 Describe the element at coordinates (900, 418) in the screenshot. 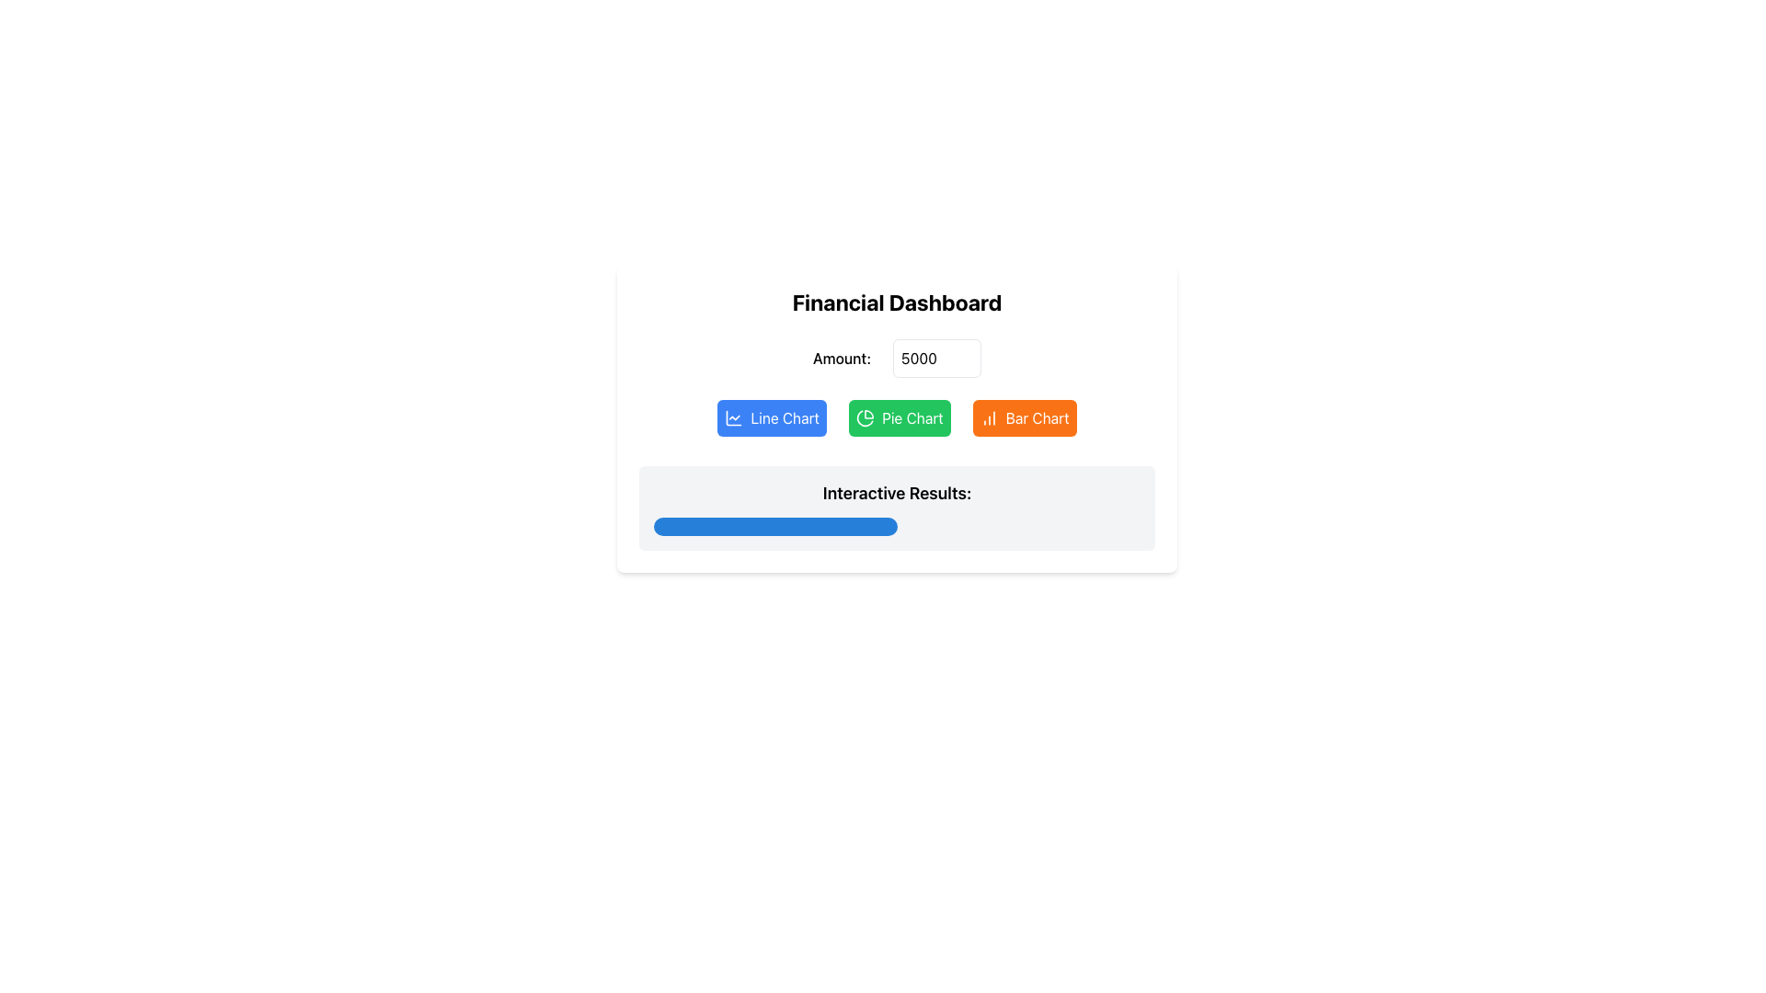

I see `the 'Pie Chart' button, which is a bright green button with white text and a pie chart icon, located in the middle of a group of three buttons` at that location.